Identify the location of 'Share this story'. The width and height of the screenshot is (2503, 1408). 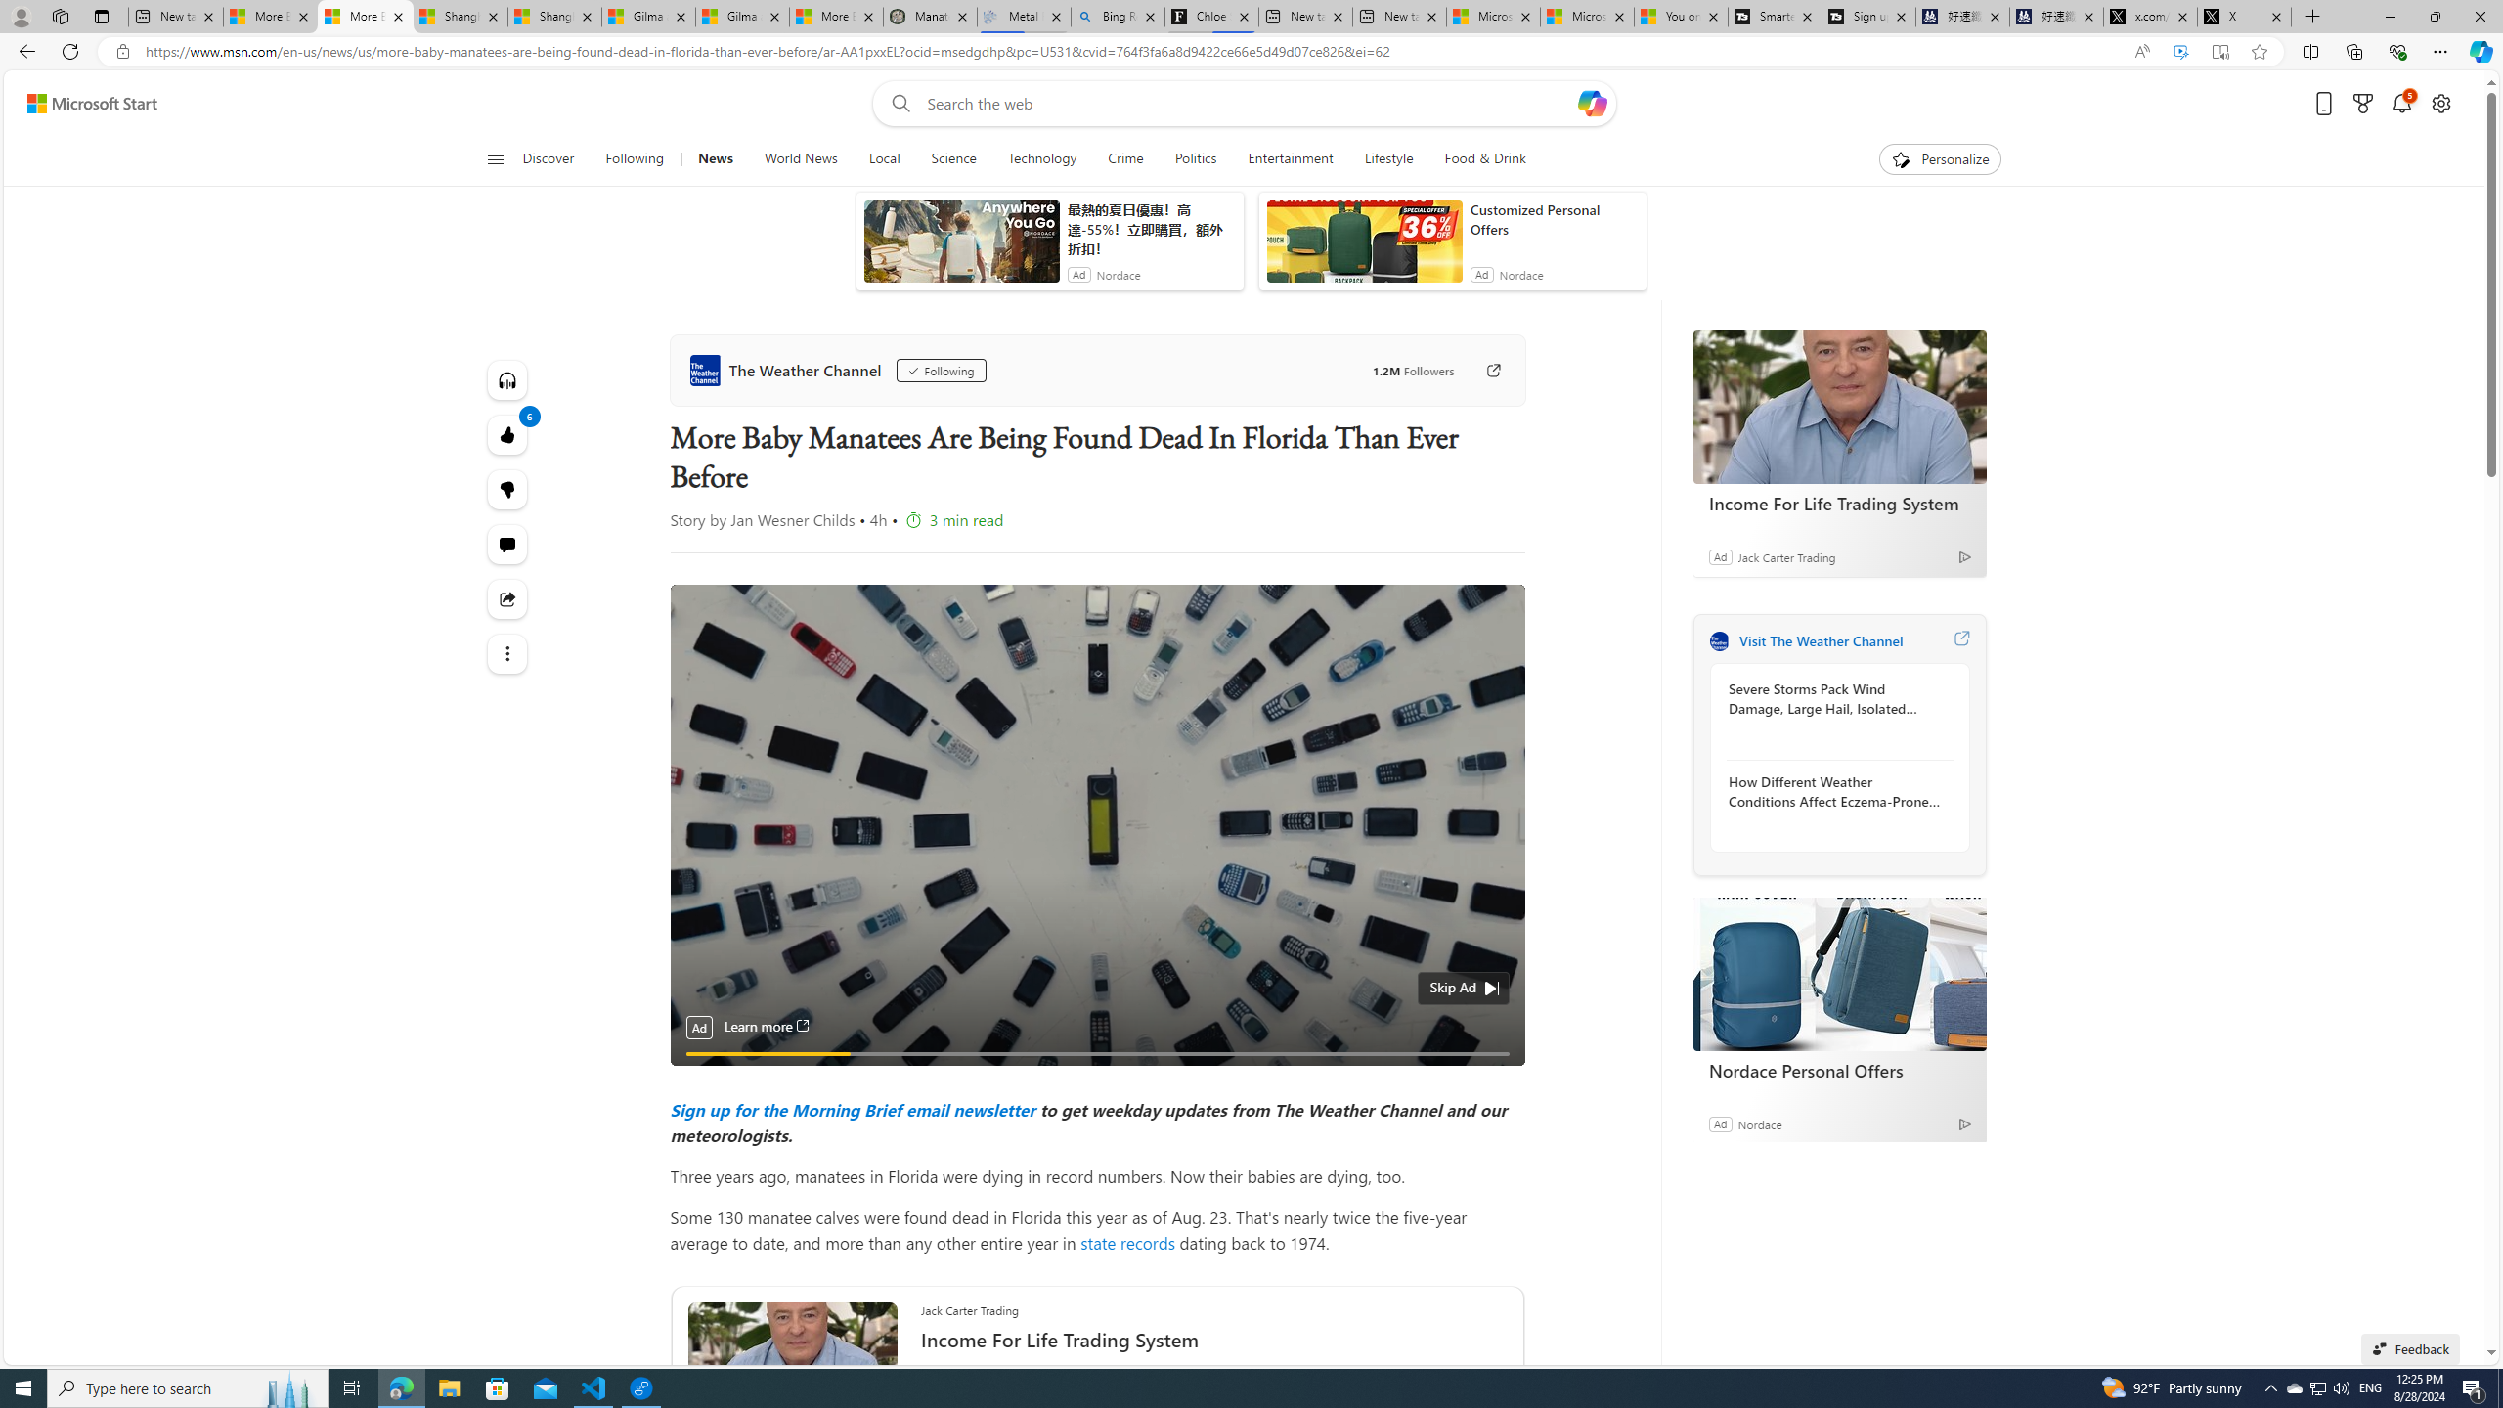
(506, 598).